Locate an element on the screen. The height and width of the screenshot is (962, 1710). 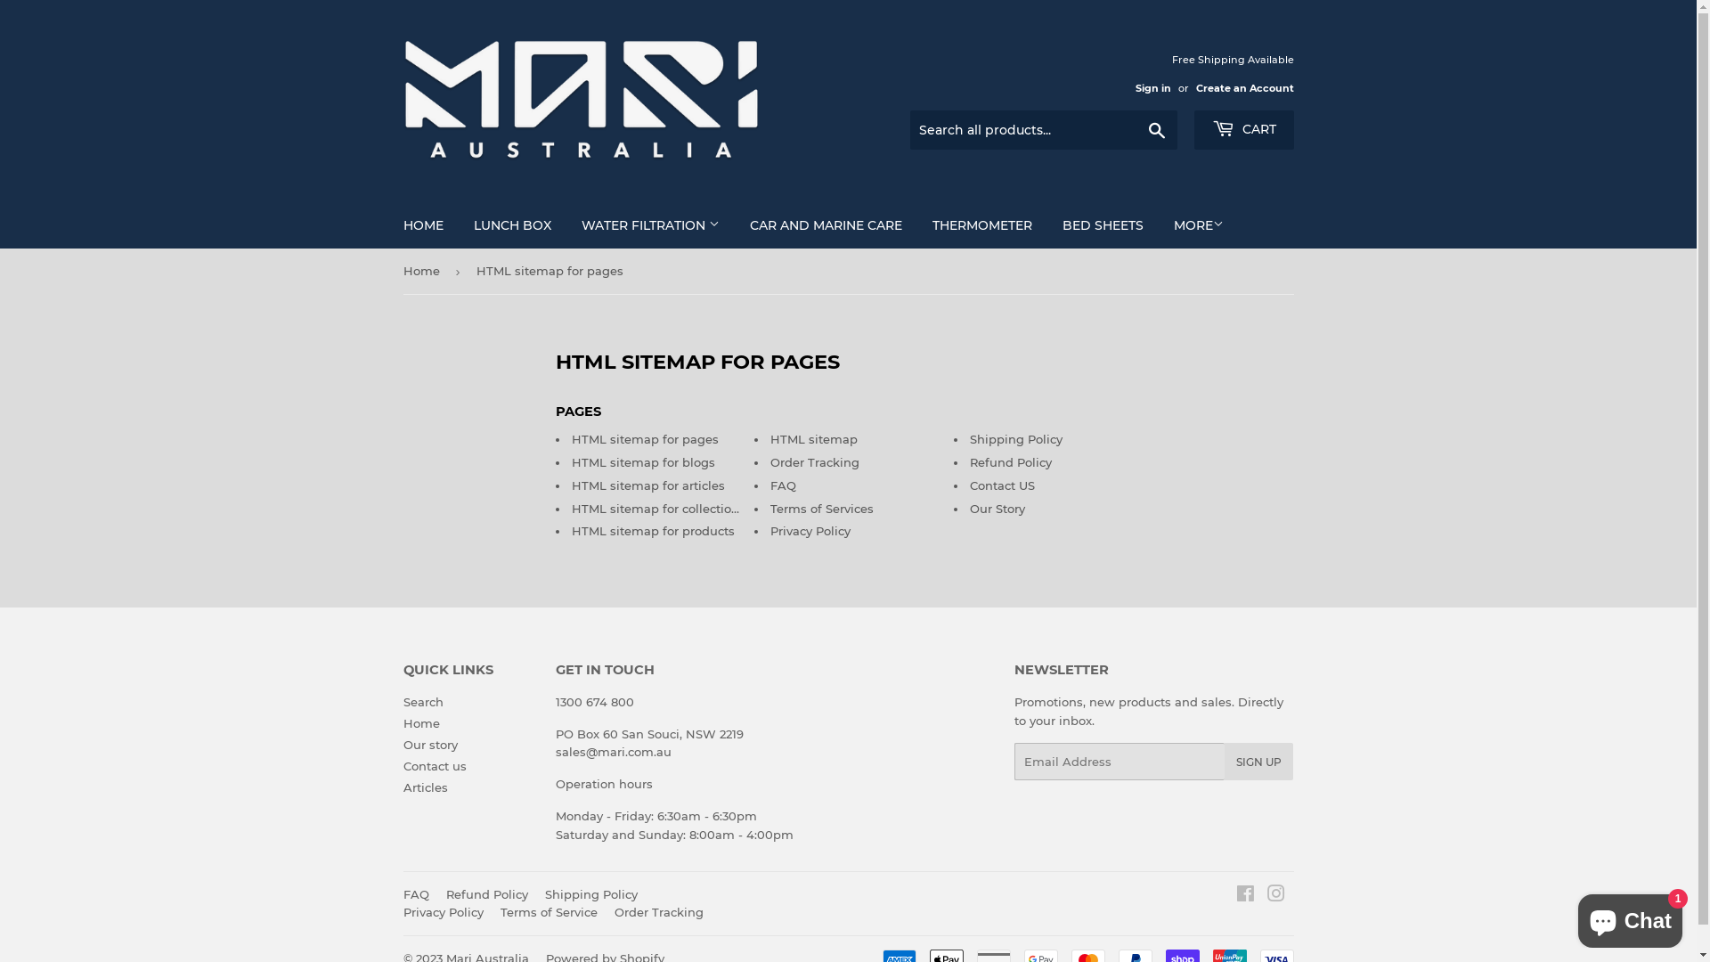
'HTML sitemap for collections' is located at coordinates (657, 508).